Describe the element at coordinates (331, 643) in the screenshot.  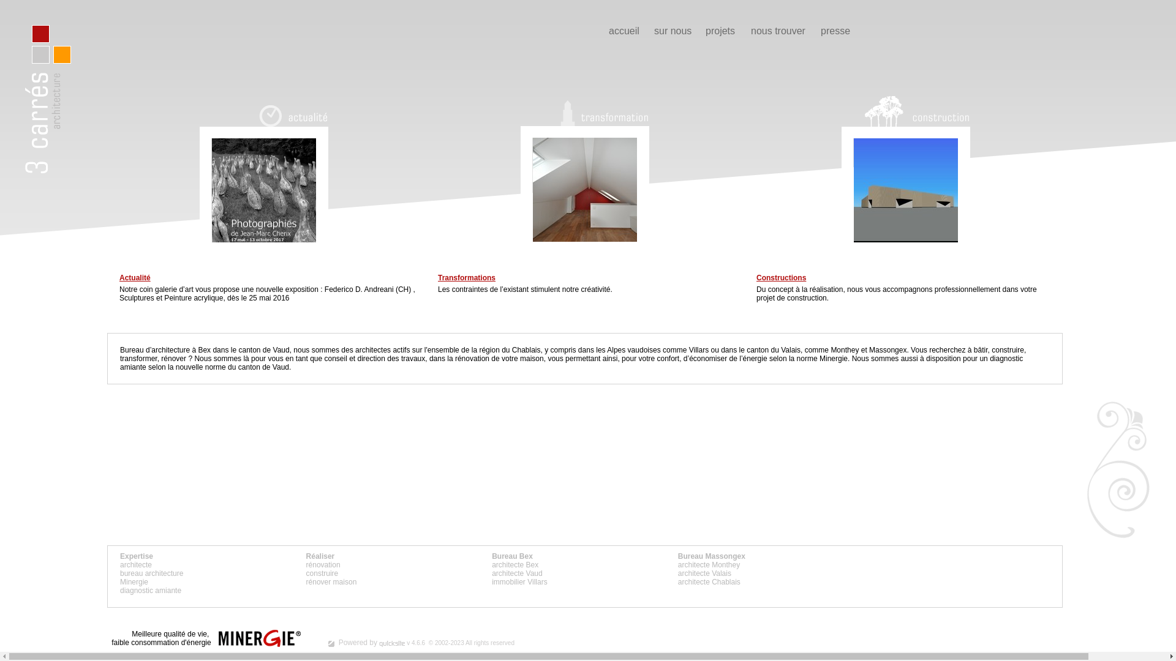
I see `'quicksite'` at that location.